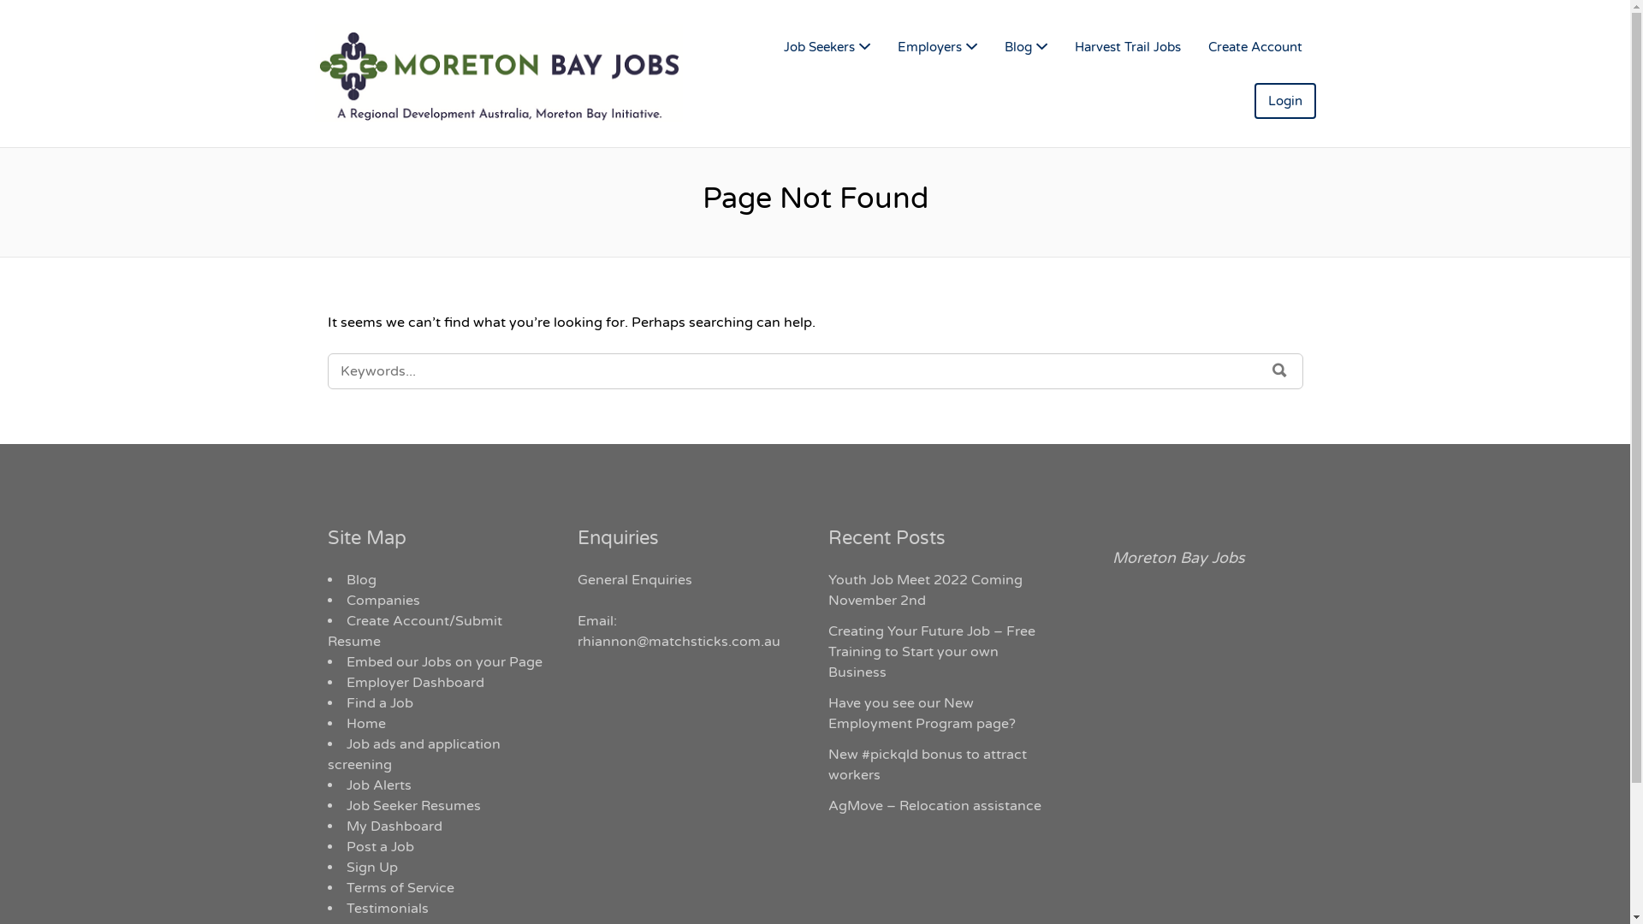  I want to click on 'Post a Job', so click(378, 847).